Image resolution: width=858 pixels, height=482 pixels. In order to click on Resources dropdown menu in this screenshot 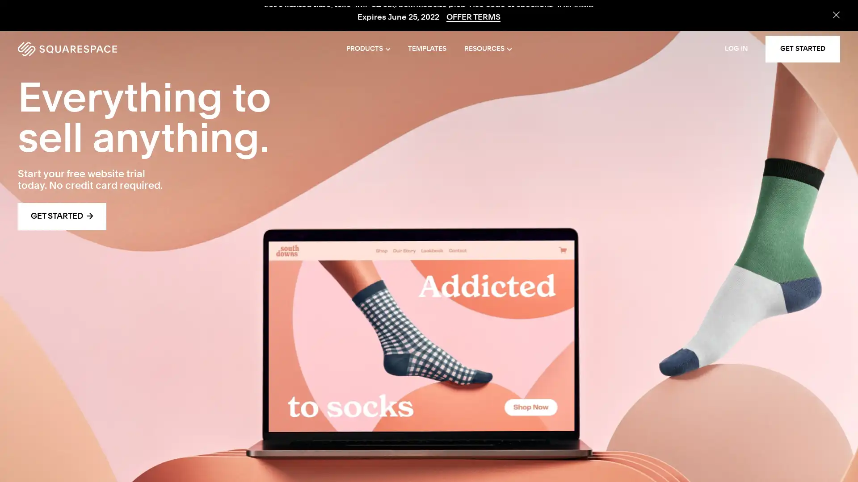, I will do `click(487, 49)`.